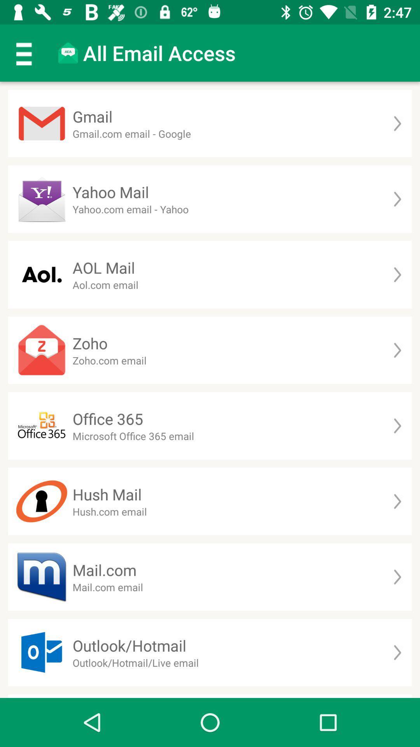  I want to click on app above the hush.com email icon, so click(107, 494).